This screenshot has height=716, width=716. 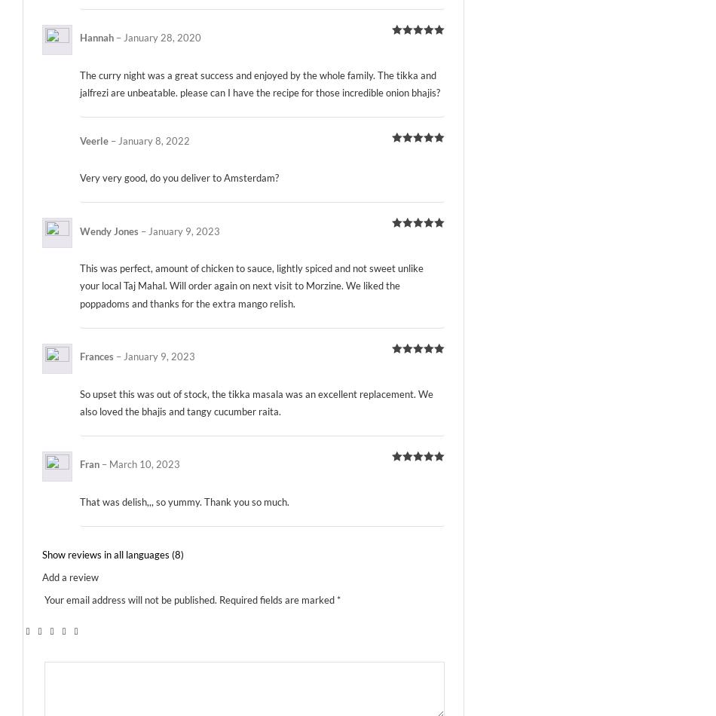 What do you see at coordinates (80, 402) in the screenshot?
I see `'So upset this was out of stock, the tikka masala was an excellent replacement. We also loved the bhajis and tangy cucumber raita.'` at bounding box center [80, 402].